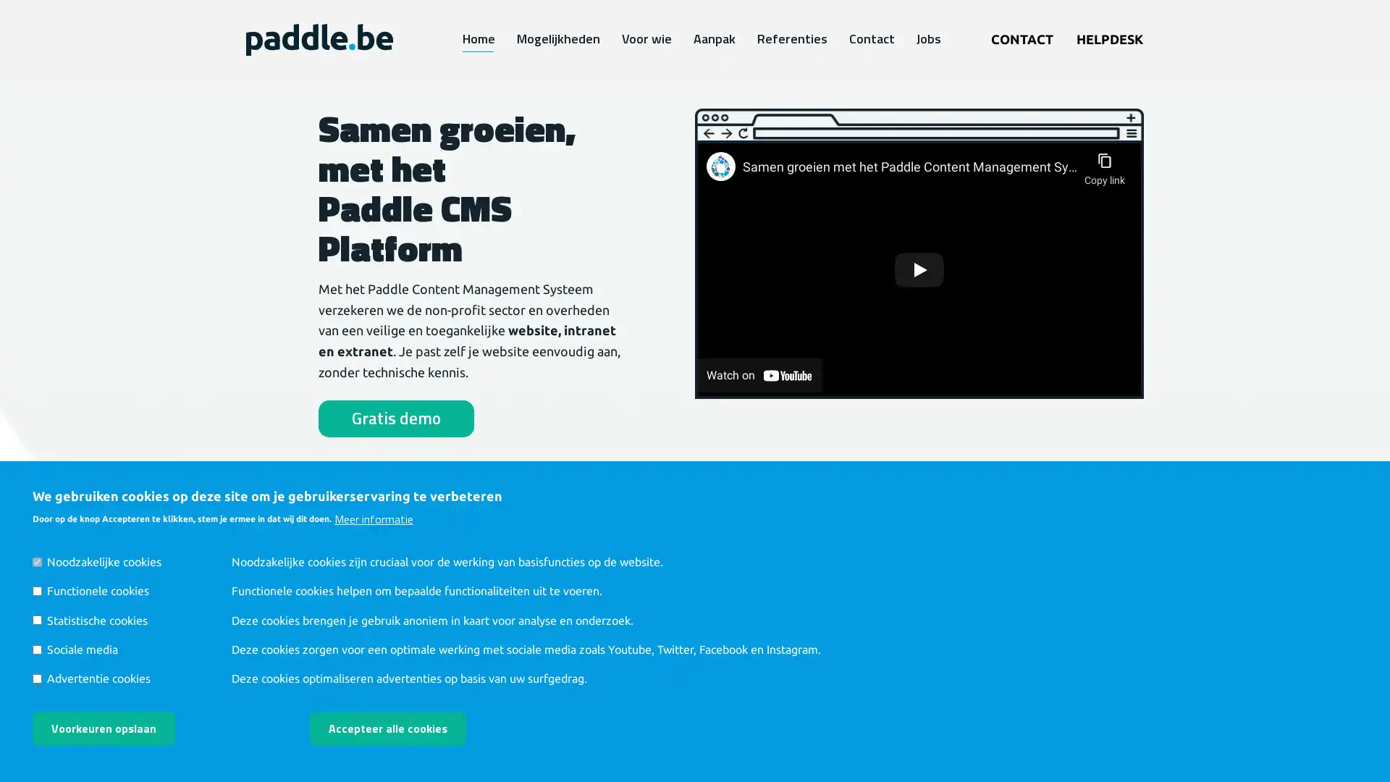  What do you see at coordinates (103, 728) in the screenshot?
I see `Voorkeuren opslaan` at bounding box center [103, 728].